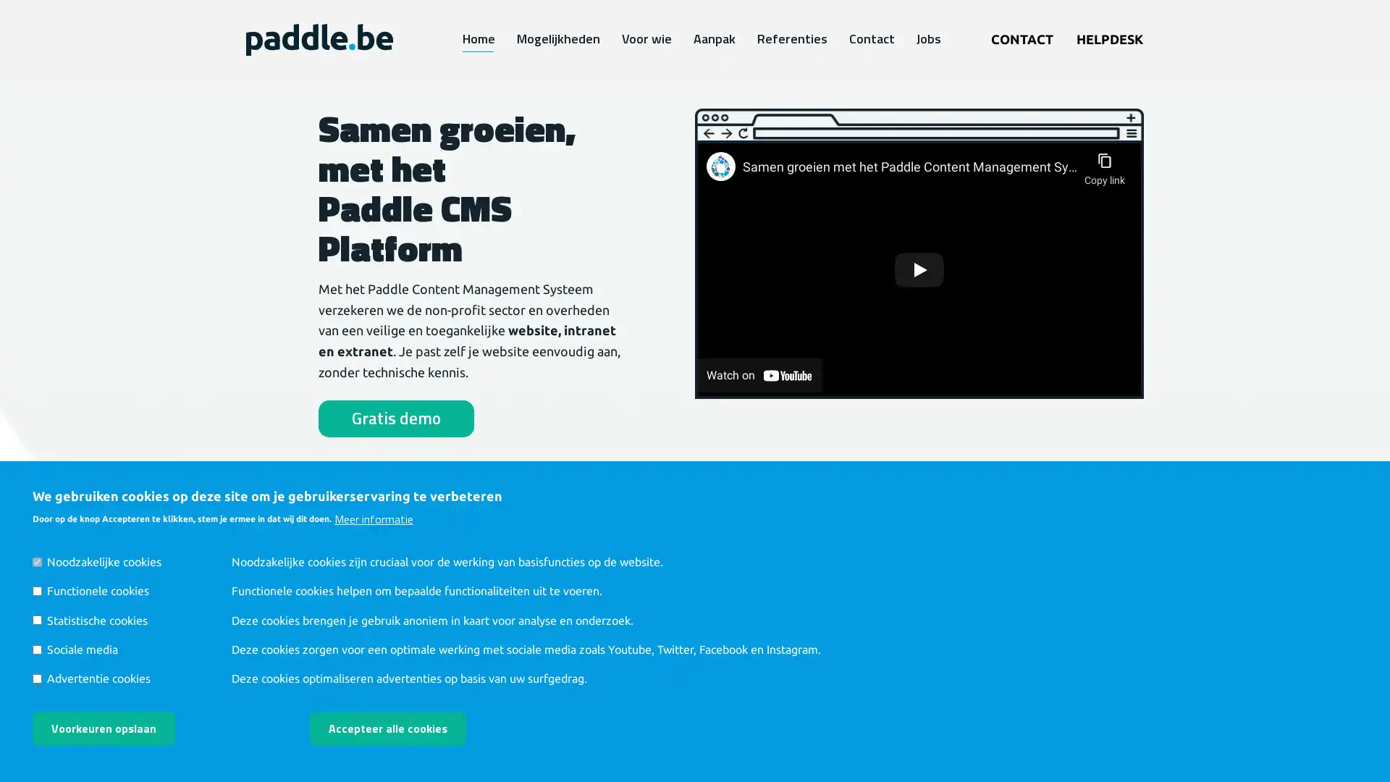  What do you see at coordinates (103, 728) in the screenshot?
I see `Voorkeuren opslaan` at bounding box center [103, 728].